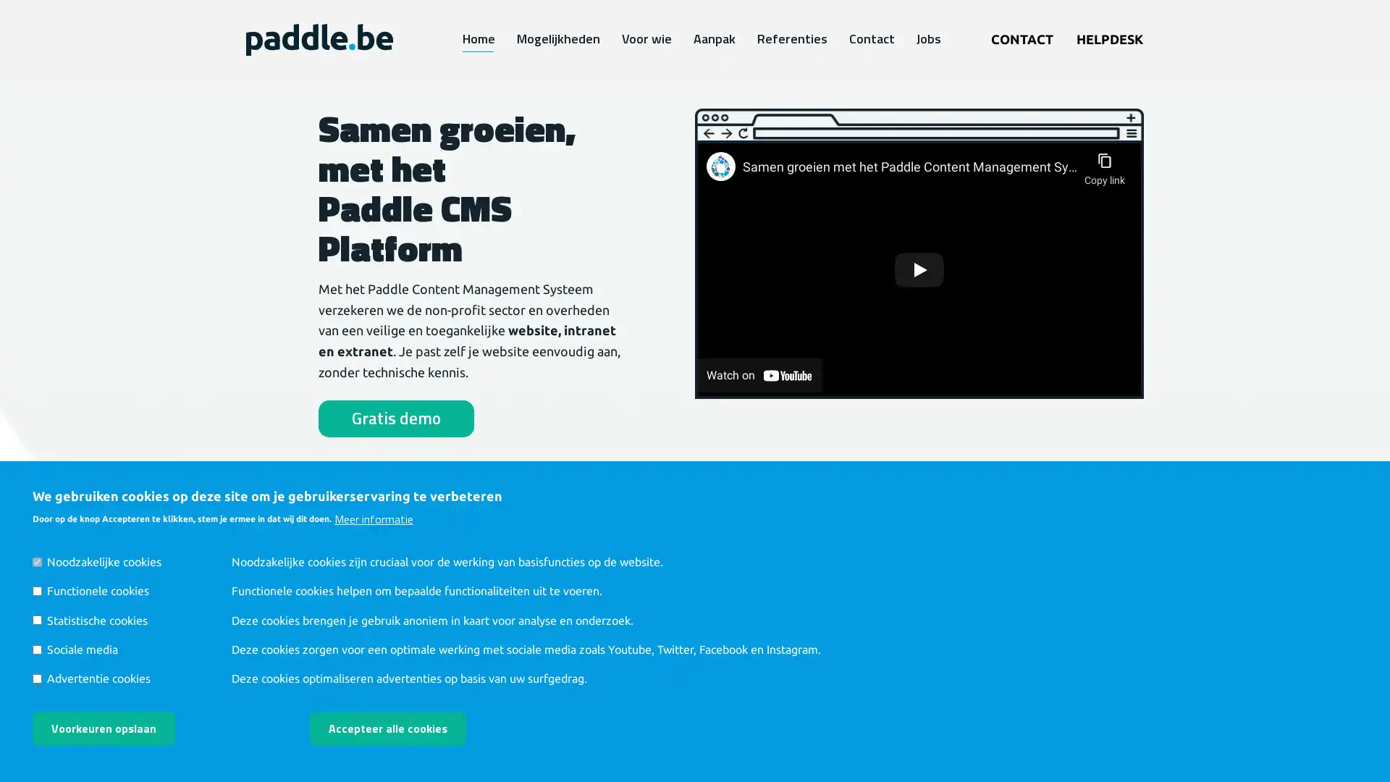  What do you see at coordinates (103, 728) in the screenshot?
I see `Voorkeuren opslaan` at bounding box center [103, 728].